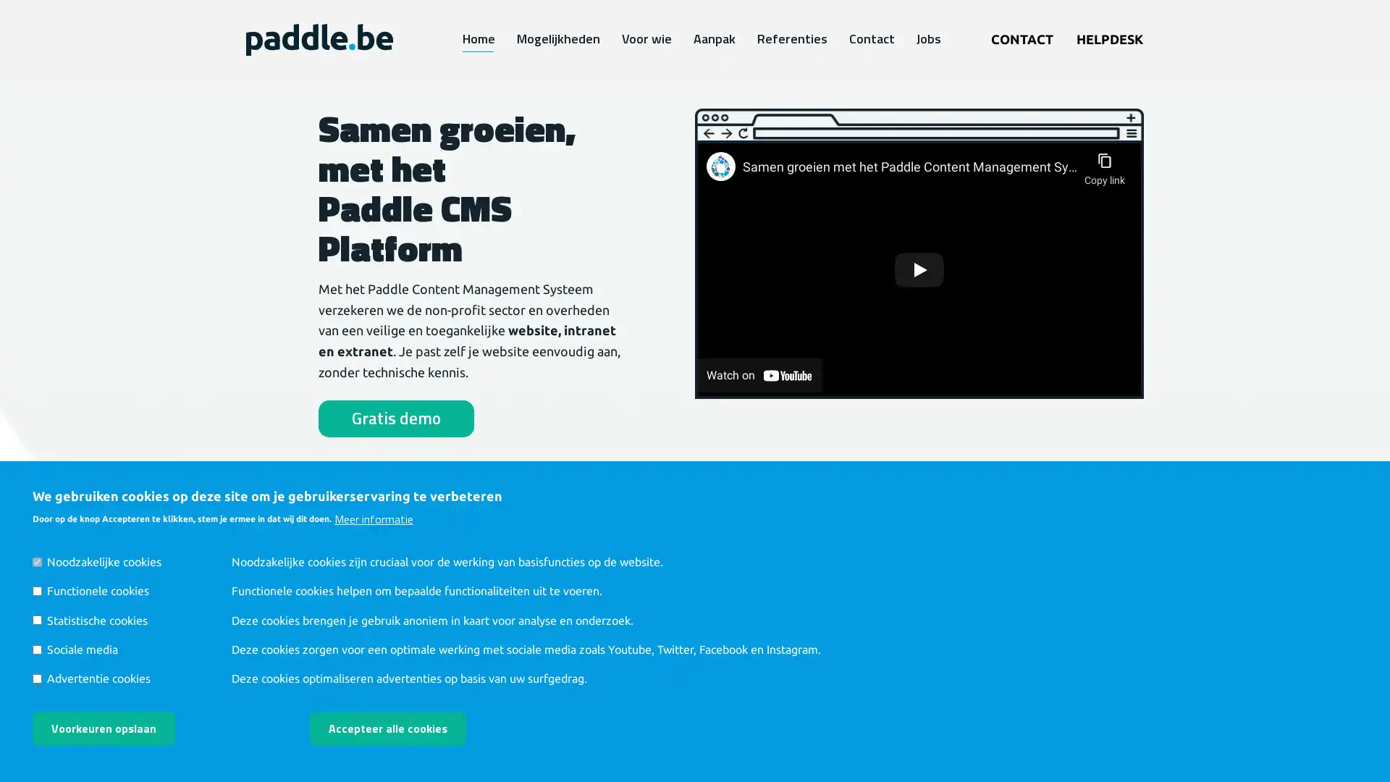  What do you see at coordinates (103, 728) in the screenshot?
I see `Voorkeuren opslaan` at bounding box center [103, 728].